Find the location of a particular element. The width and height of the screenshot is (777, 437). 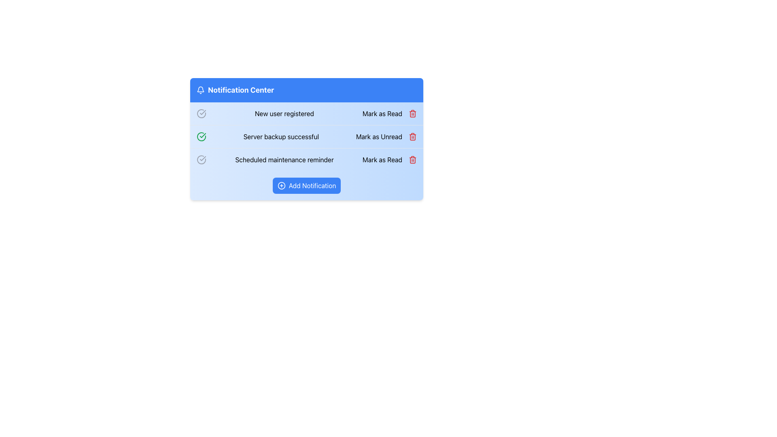

the 'Add Notification' button located at the bottom of the notification interface is located at coordinates (306, 186).